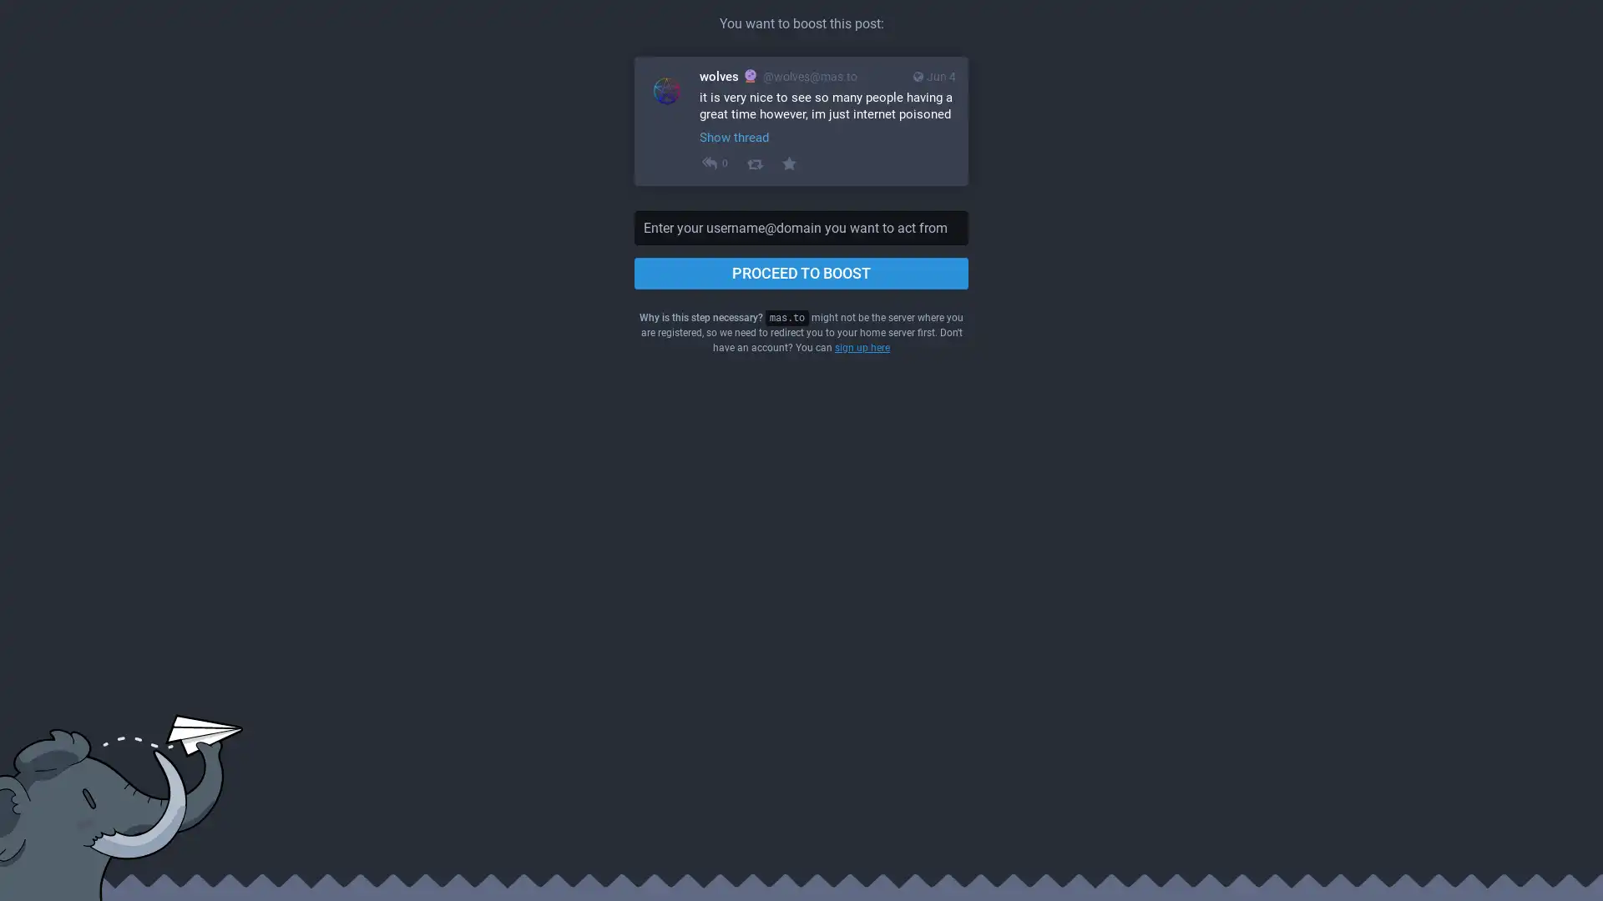  What do you see at coordinates (801, 272) in the screenshot?
I see `PROCEED TO BOOST` at bounding box center [801, 272].